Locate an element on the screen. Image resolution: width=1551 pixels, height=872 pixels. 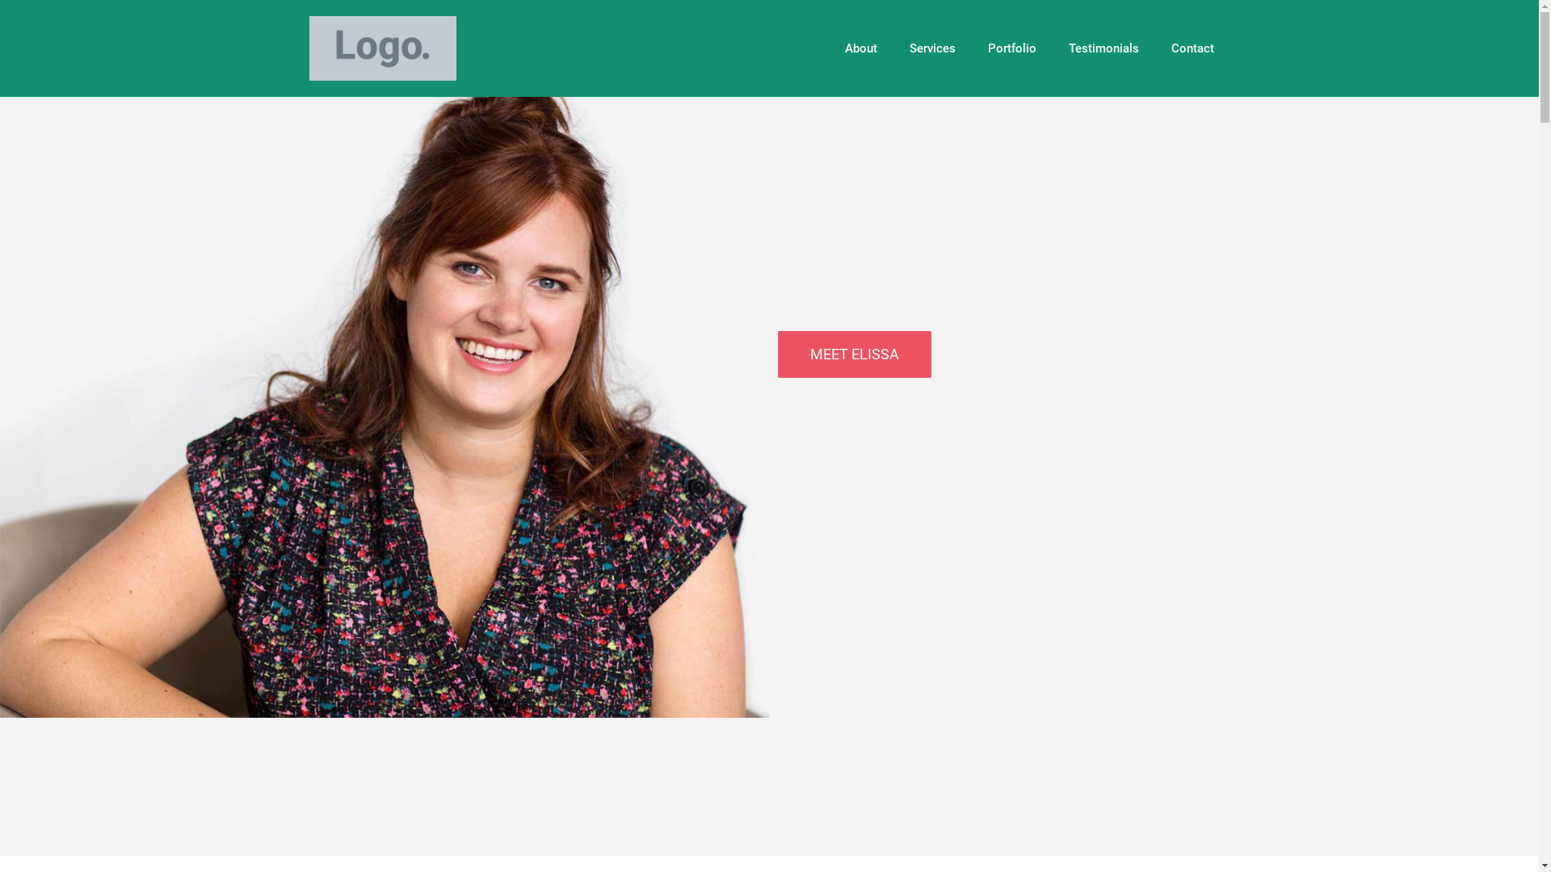
'MEET ELISSA' is located at coordinates (852, 354).